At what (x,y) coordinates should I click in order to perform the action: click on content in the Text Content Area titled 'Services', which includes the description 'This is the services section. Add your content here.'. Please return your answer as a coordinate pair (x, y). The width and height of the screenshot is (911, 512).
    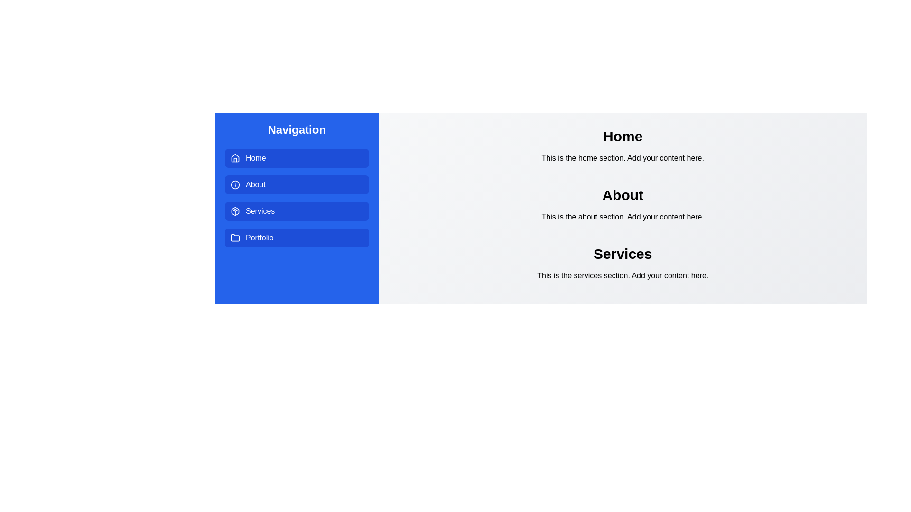
    Looking at the image, I should click on (623, 263).